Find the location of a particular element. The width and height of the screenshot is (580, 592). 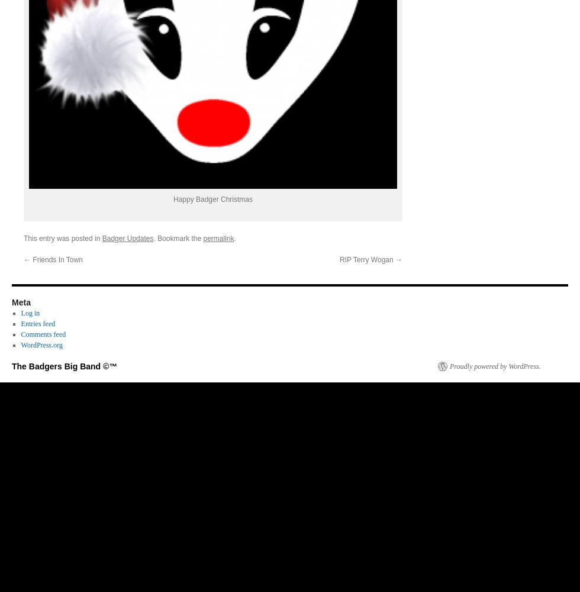

'.' is located at coordinates (234, 238).